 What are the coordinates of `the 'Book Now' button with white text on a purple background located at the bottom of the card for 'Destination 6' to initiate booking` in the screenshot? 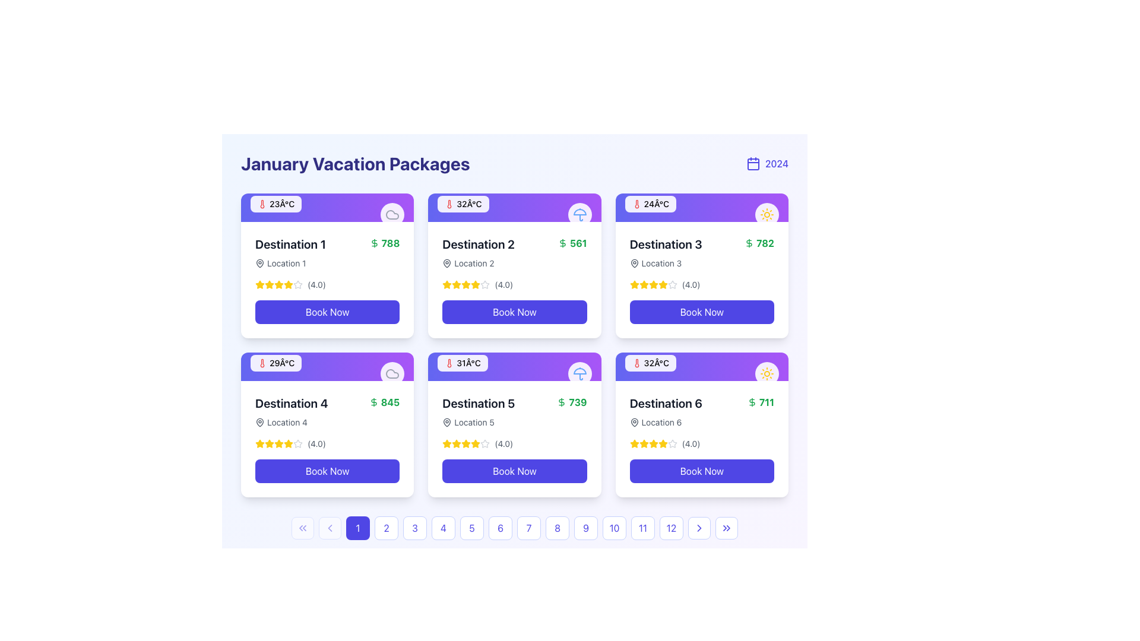 It's located at (702, 471).